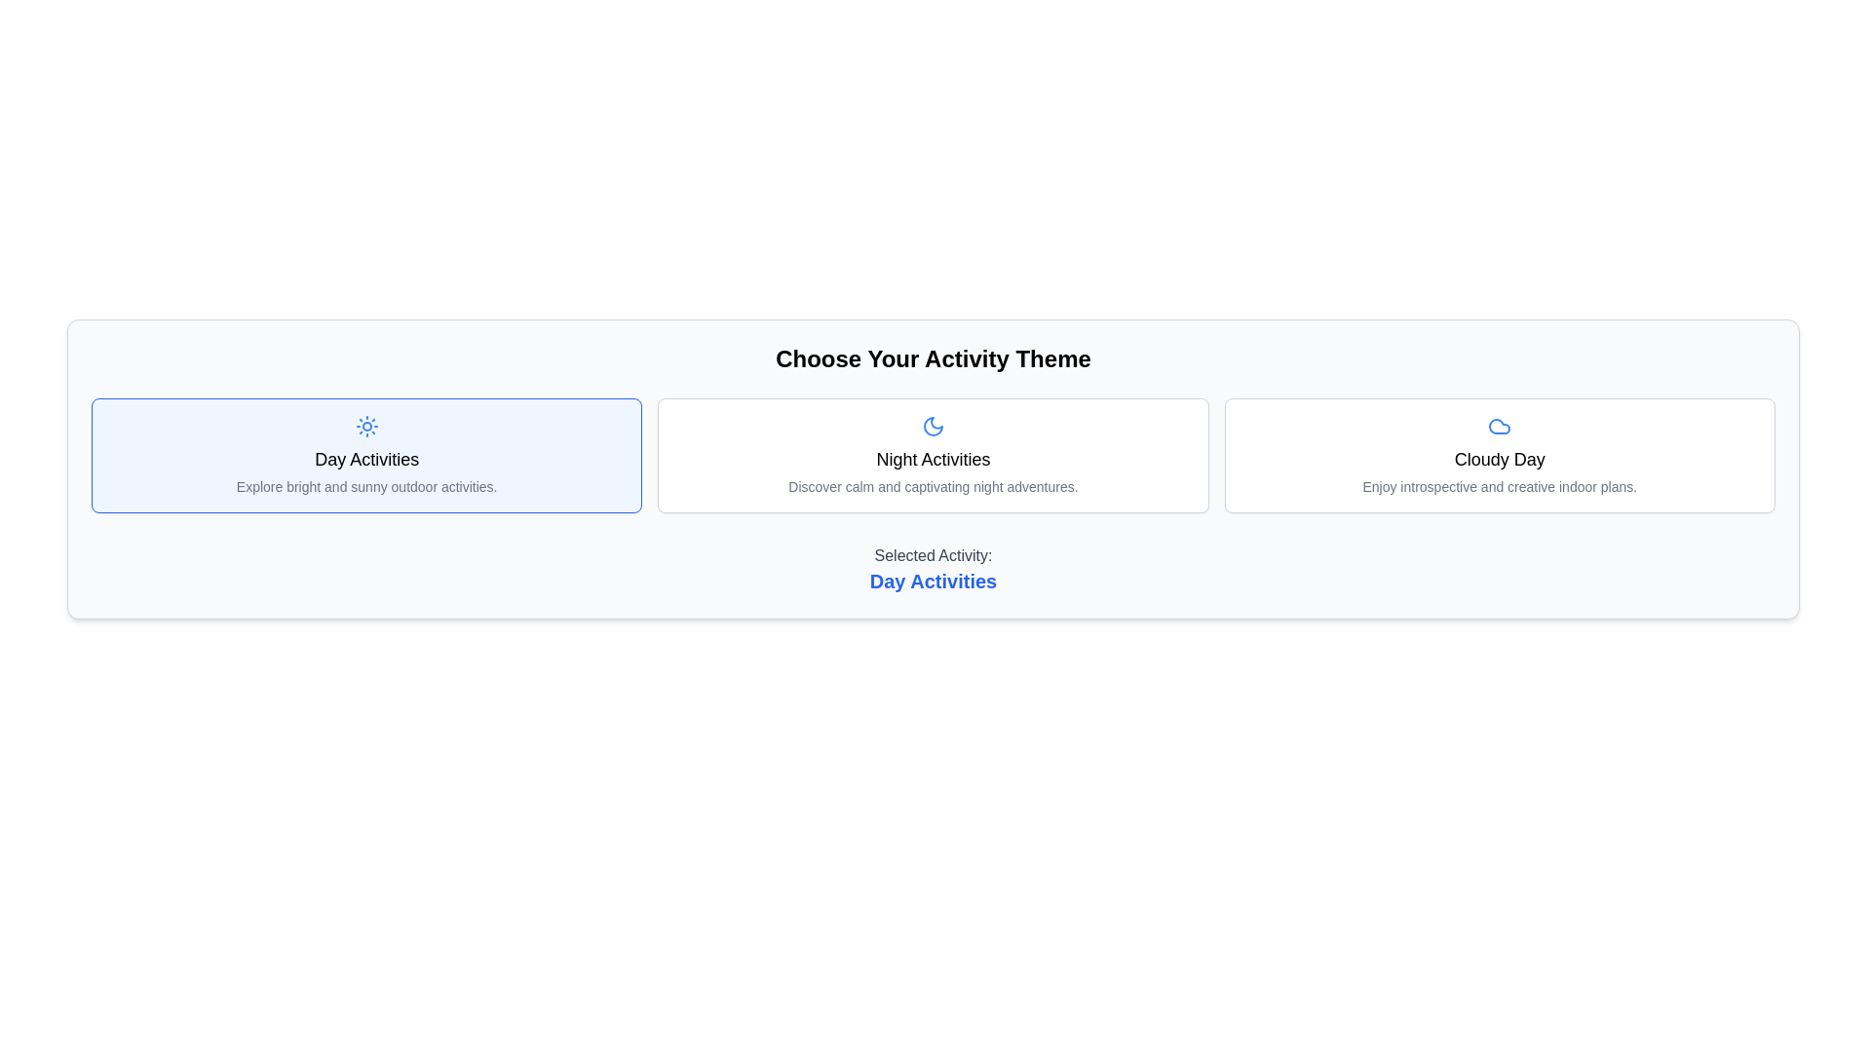  What do you see at coordinates (1499, 426) in the screenshot?
I see `the decorative icon representing the Cloudy Day activity option, which is centered within the third card titled 'Cloudy Day' under the 'Choose Your Activity Theme' section` at bounding box center [1499, 426].